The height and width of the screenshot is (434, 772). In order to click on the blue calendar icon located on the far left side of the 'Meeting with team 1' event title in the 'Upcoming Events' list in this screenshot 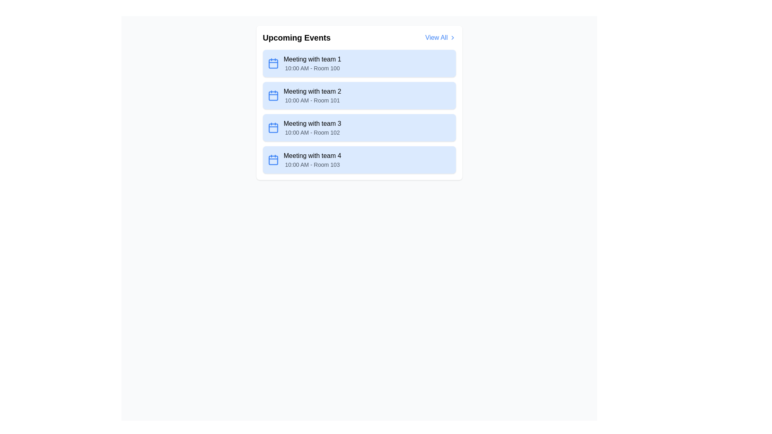, I will do `click(273, 63)`.